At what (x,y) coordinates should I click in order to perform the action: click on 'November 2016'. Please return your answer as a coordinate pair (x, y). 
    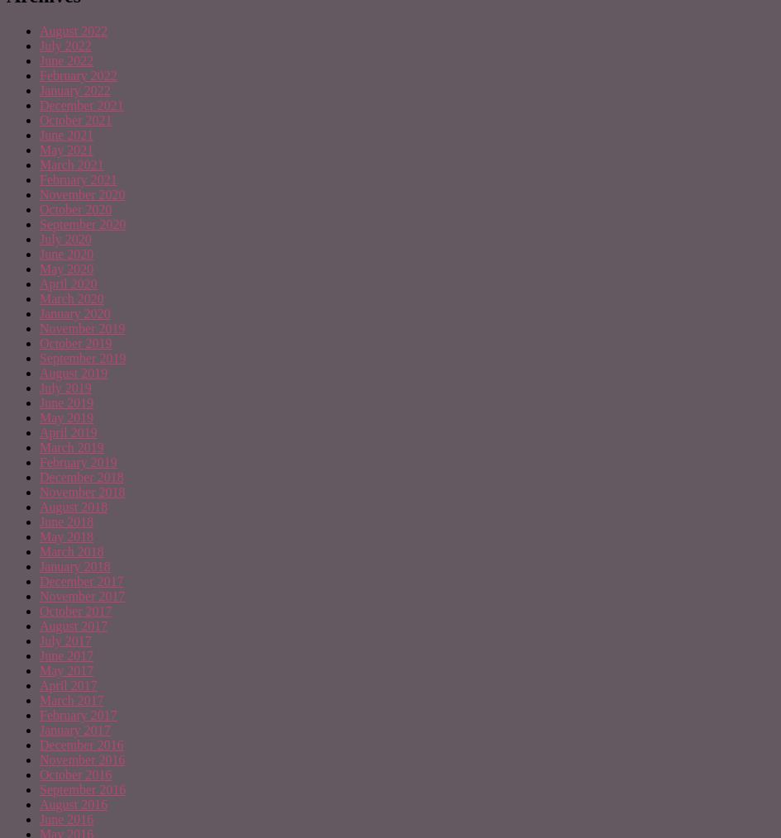
    Looking at the image, I should click on (81, 759).